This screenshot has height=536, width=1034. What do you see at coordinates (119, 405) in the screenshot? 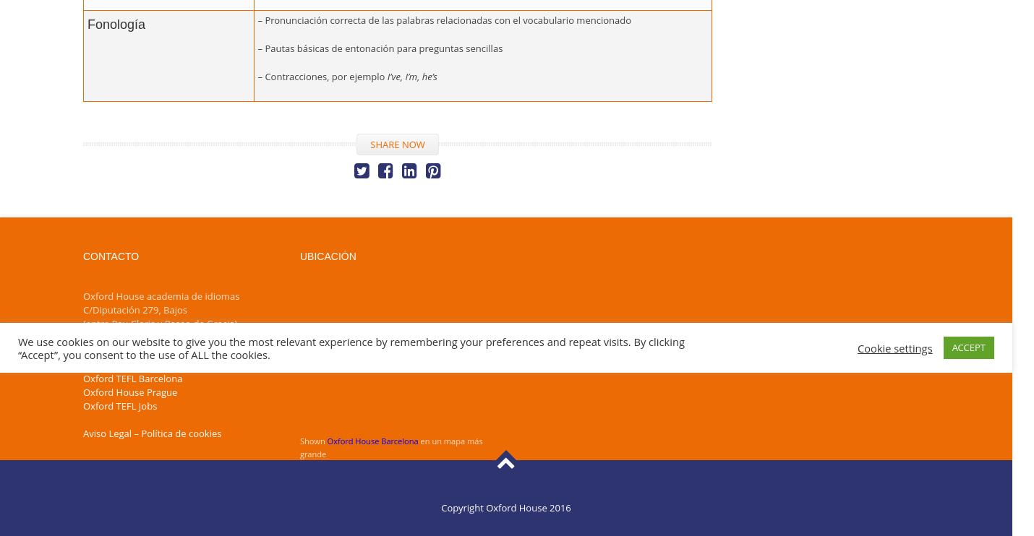
I see `'Oxford TEFL Jobs'` at bounding box center [119, 405].